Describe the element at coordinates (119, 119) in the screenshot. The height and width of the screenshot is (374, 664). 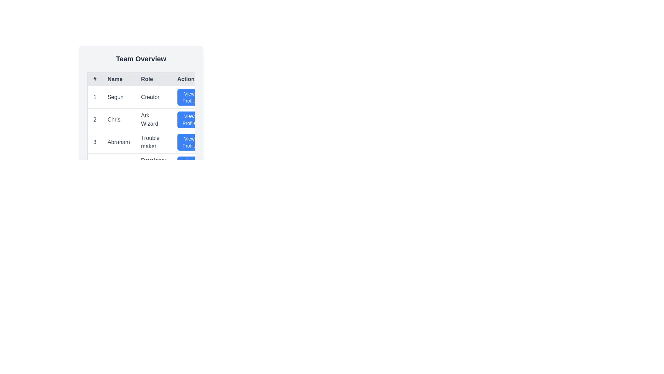
I see `the text element displaying 'Chris' located in the second row of the 'Name' column of the table` at that location.